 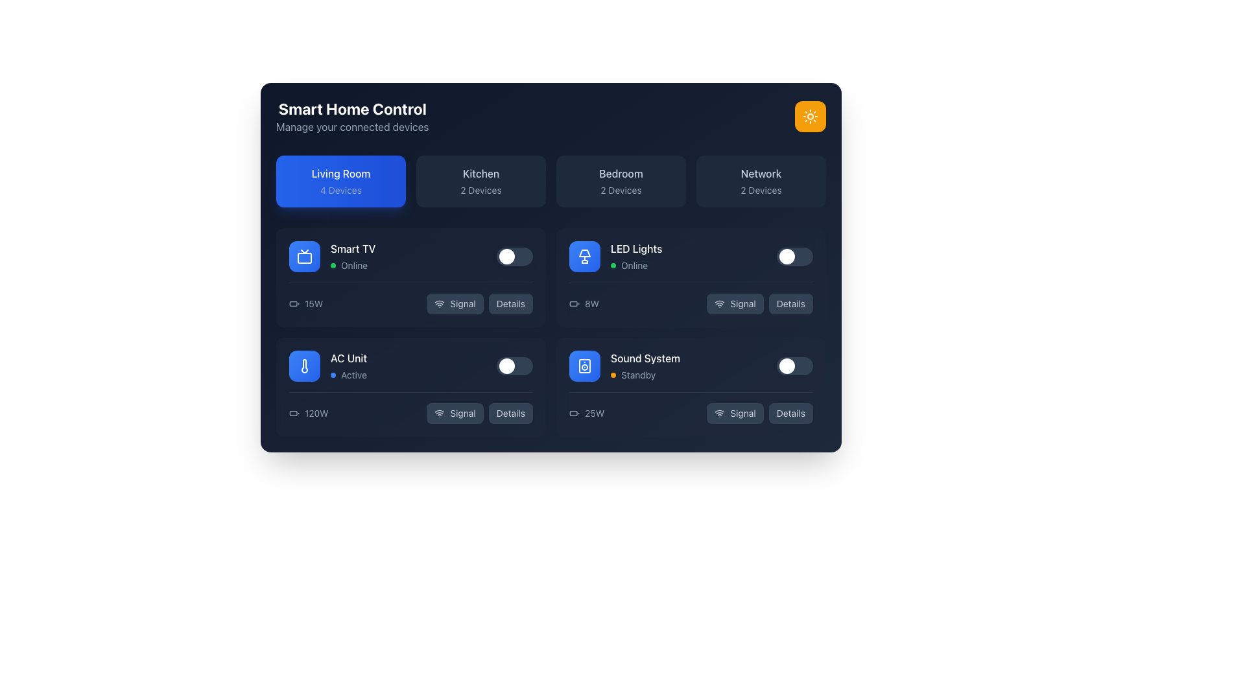 What do you see at coordinates (584, 366) in the screenshot?
I see `the speaker device icon in the 'Sound System' section` at bounding box center [584, 366].